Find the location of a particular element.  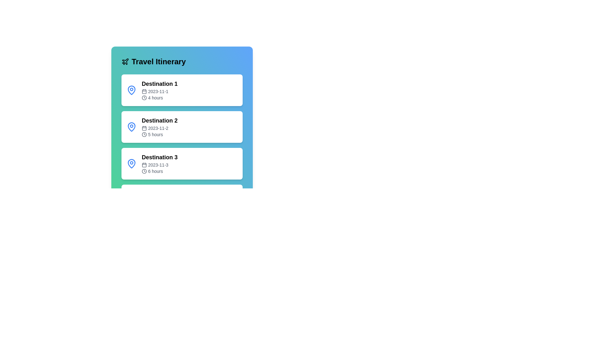

the informational card displaying details about 'Destination 3', which includes the date (2023-11-3) and duration (6 hours), positioned centrally in the third slot of the list is located at coordinates (182, 163).